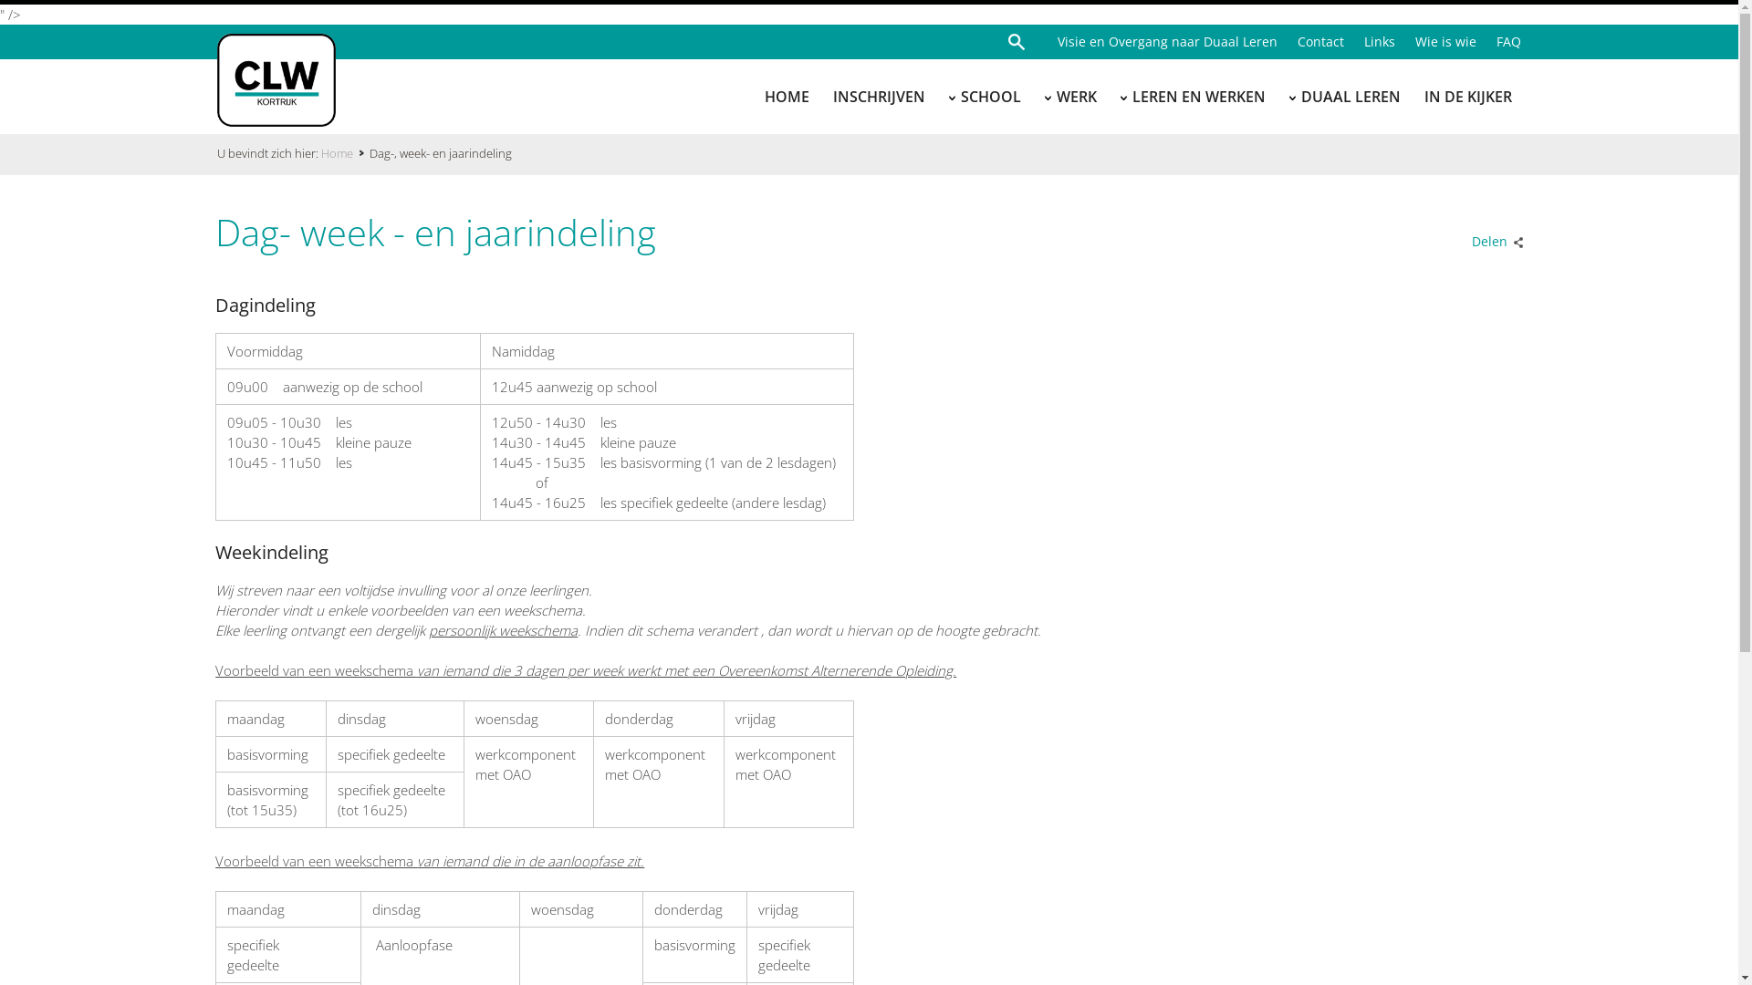 This screenshot has height=985, width=1752. What do you see at coordinates (831, 95) in the screenshot?
I see `'INSCHRIJVEN'` at bounding box center [831, 95].